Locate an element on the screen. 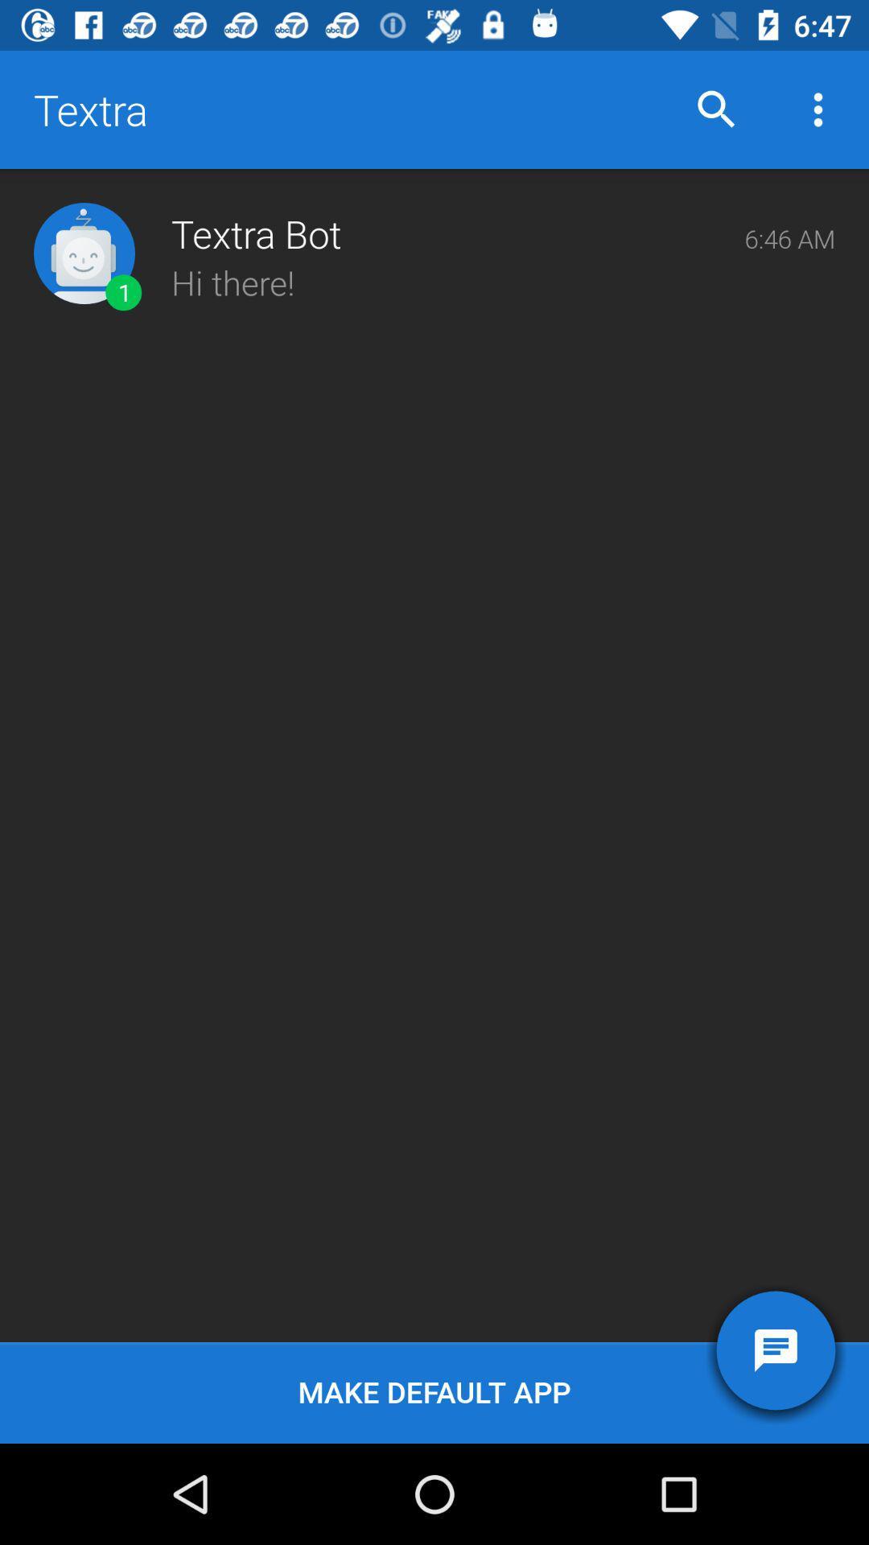 The height and width of the screenshot is (1545, 869). the more icon is located at coordinates (818, 109).